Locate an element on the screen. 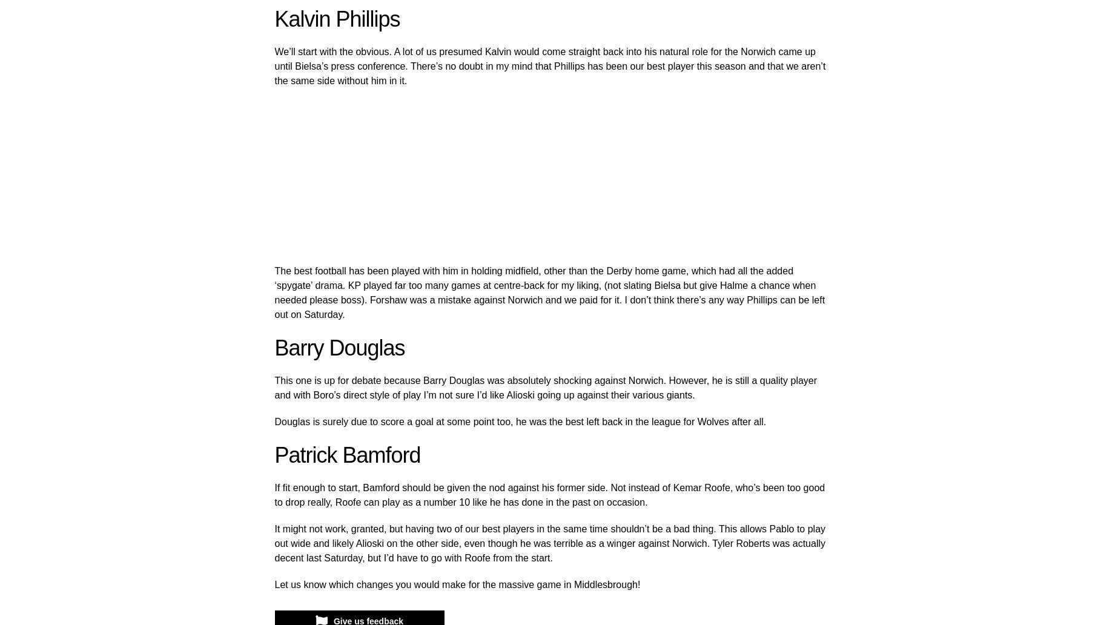 This screenshot has height=625, width=1104. 'This one is up for debate because Barry Douglas was absolutely shocking against Norwich. However, he is still a quality player and with Boro’s direct style of play I’m not sure I’d like Alioski going up against their various giants.' is located at coordinates (544, 388).